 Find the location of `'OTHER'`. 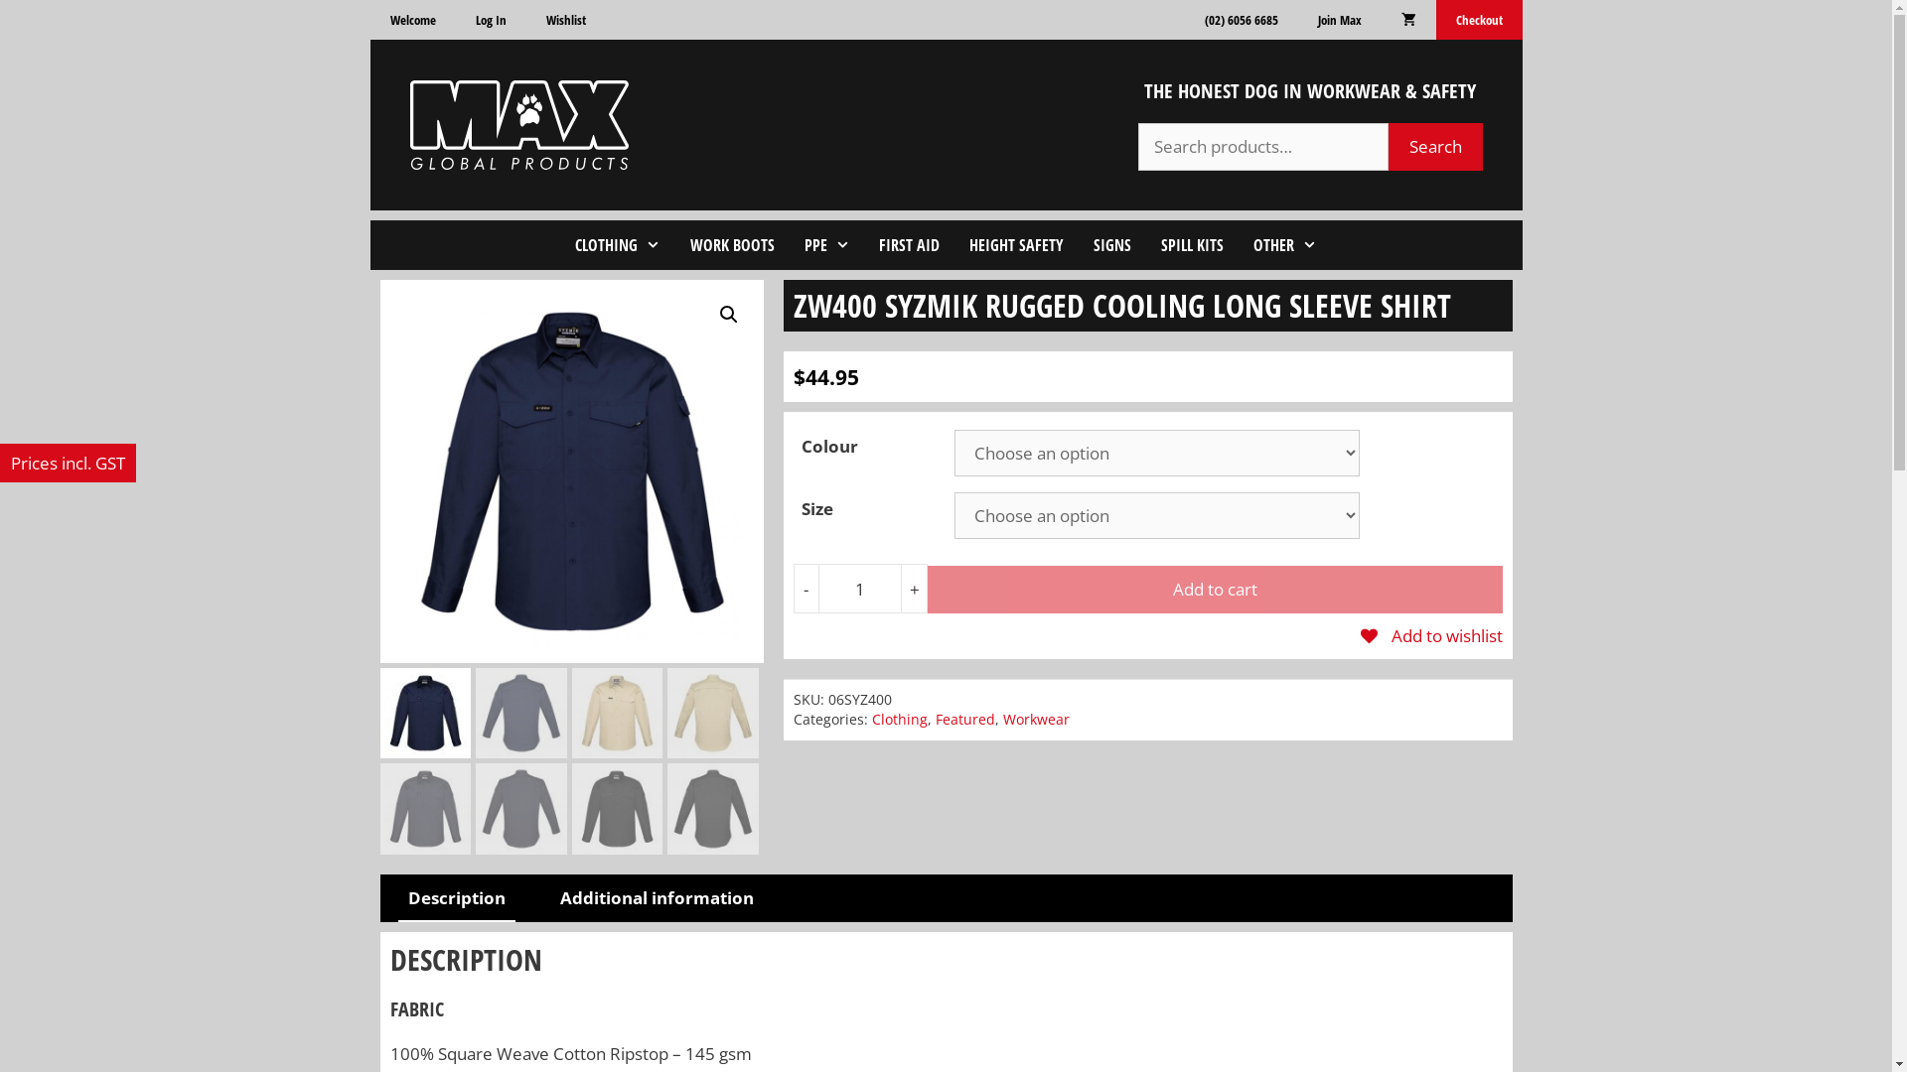

'OTHER' is located at coordinates (1238, 243).